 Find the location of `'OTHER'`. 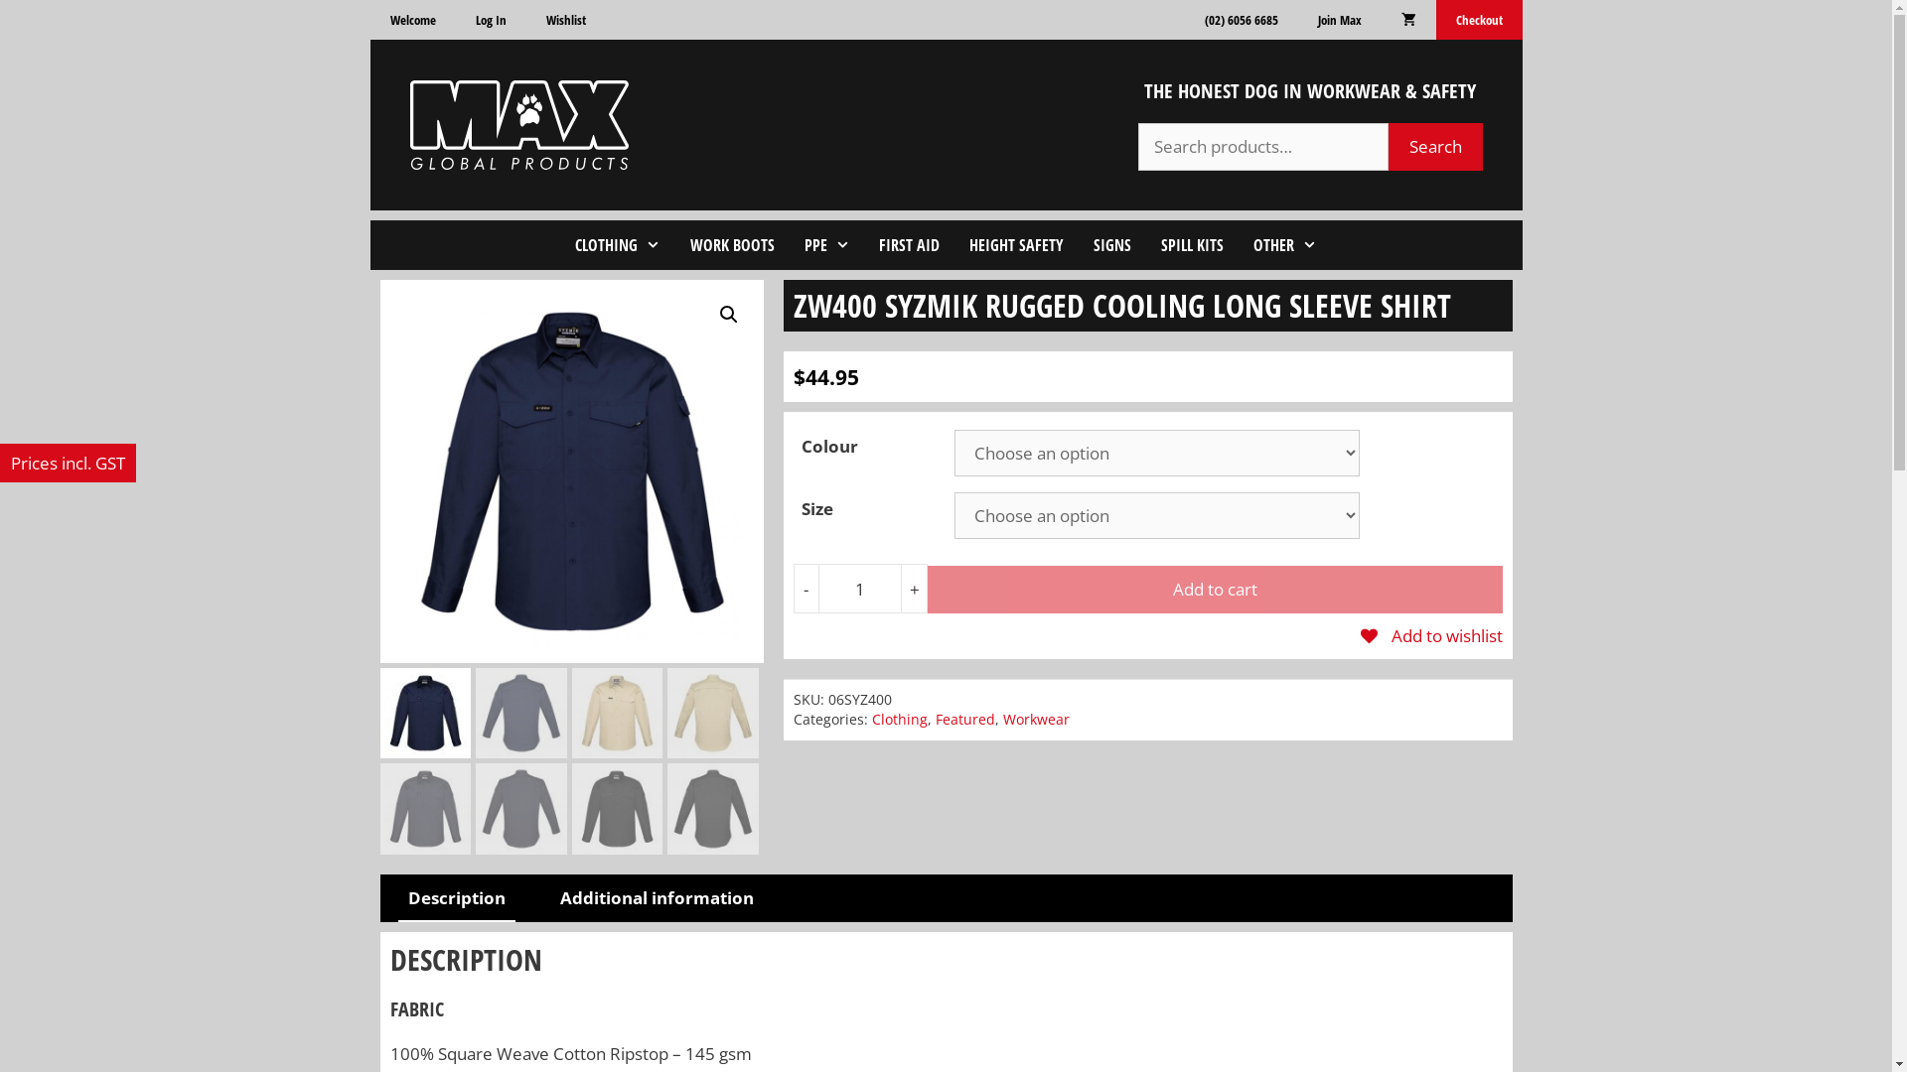

'OTHER' is located at coordinates (1238, 243).